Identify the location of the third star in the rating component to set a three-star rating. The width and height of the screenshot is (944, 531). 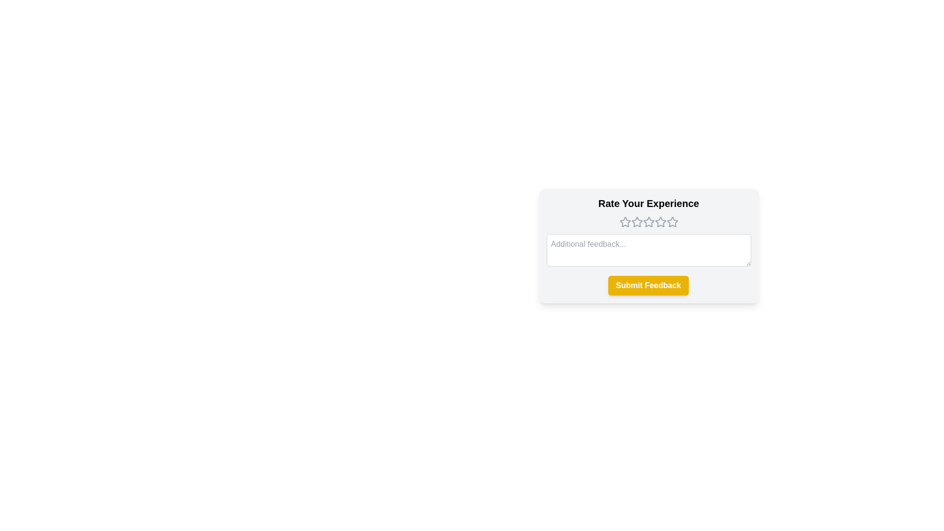
(649, 222).